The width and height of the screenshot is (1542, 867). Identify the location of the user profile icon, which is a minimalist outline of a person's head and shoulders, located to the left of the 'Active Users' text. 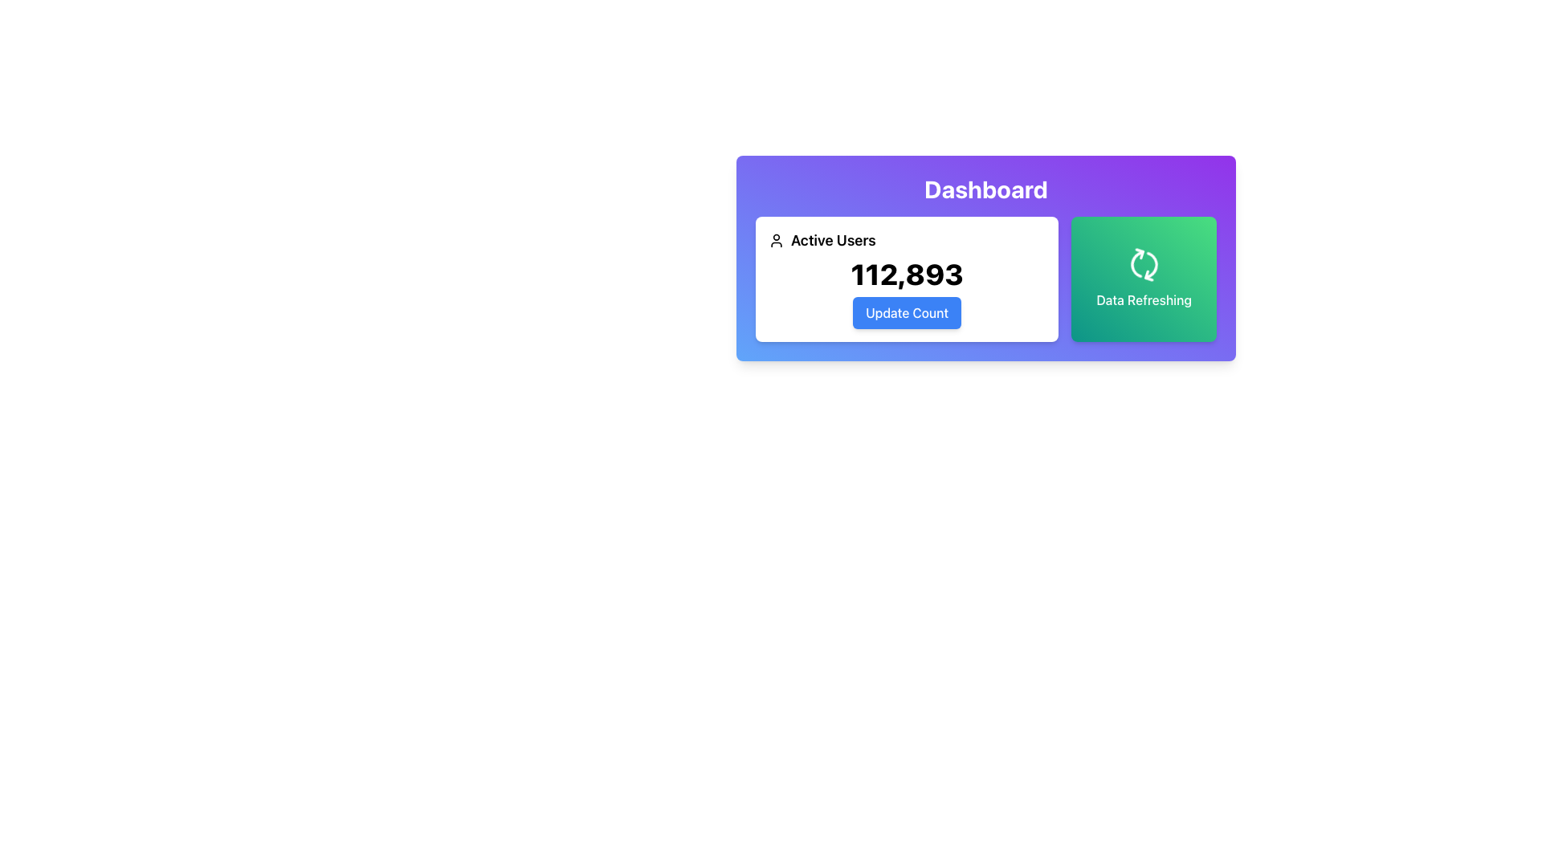
(776, 241).